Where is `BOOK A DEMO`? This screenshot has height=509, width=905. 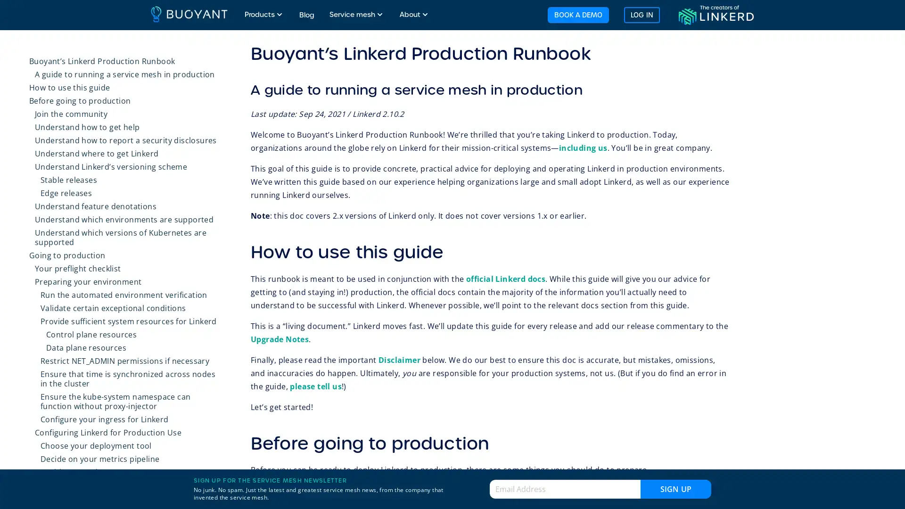 BOOK A DEMO is located at coordinates (577, 14).